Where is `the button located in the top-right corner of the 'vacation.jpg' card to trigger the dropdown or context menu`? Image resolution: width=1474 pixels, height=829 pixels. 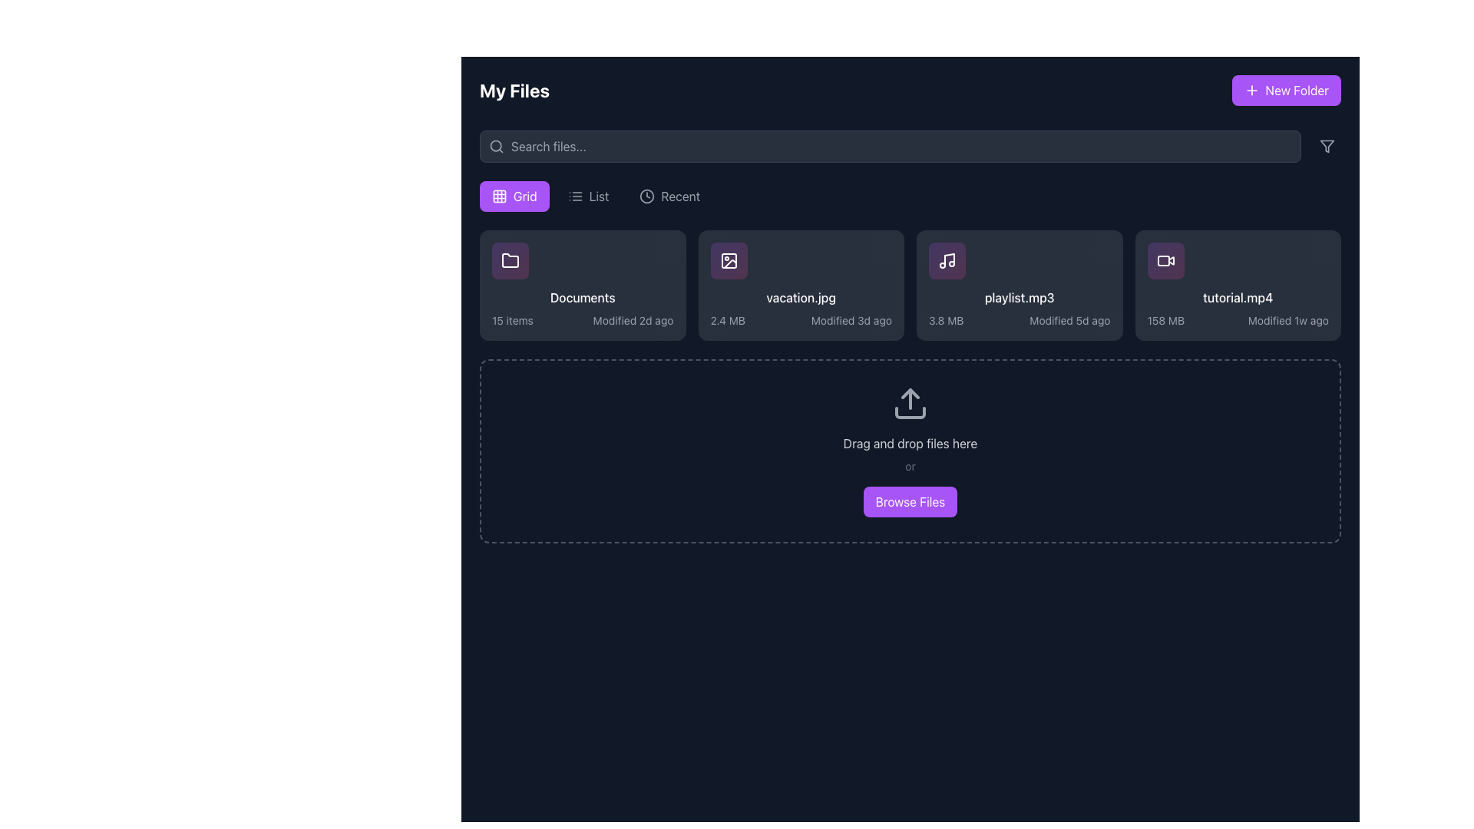 the button located in the top-right corner of the 'vacation.jpg' card to trigger the dropdown or context menu is located at coordinates (884, 259).